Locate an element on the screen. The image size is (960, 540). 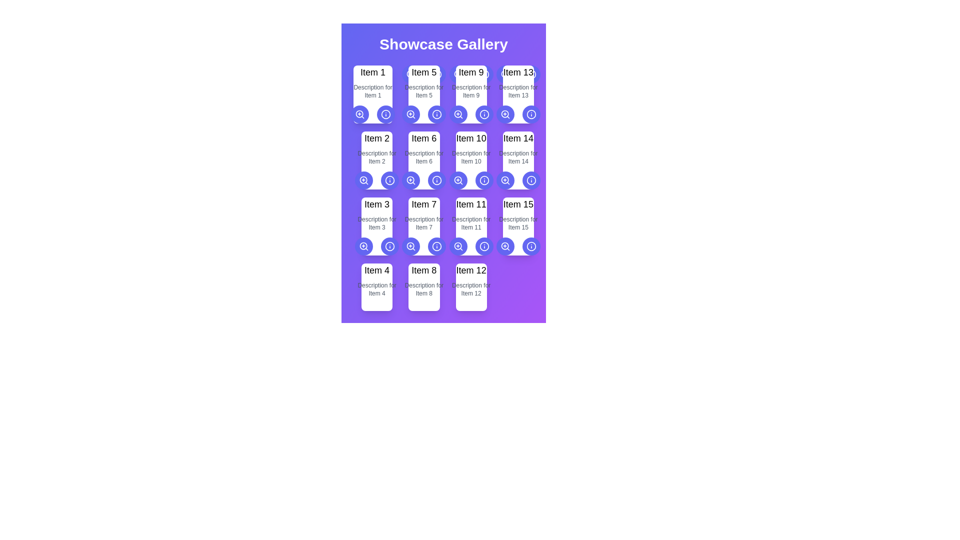
the first button below the 'Item 9' card to zoom in on the associated content is located at coordinates (457, 113).